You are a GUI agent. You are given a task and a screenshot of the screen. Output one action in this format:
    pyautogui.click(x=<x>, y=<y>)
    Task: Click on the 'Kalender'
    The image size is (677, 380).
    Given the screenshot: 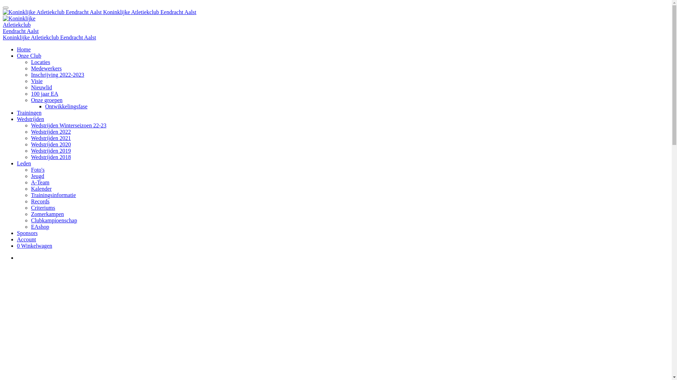 What is the action you would take?
    pyautogui.click(x=41, y=188)
    